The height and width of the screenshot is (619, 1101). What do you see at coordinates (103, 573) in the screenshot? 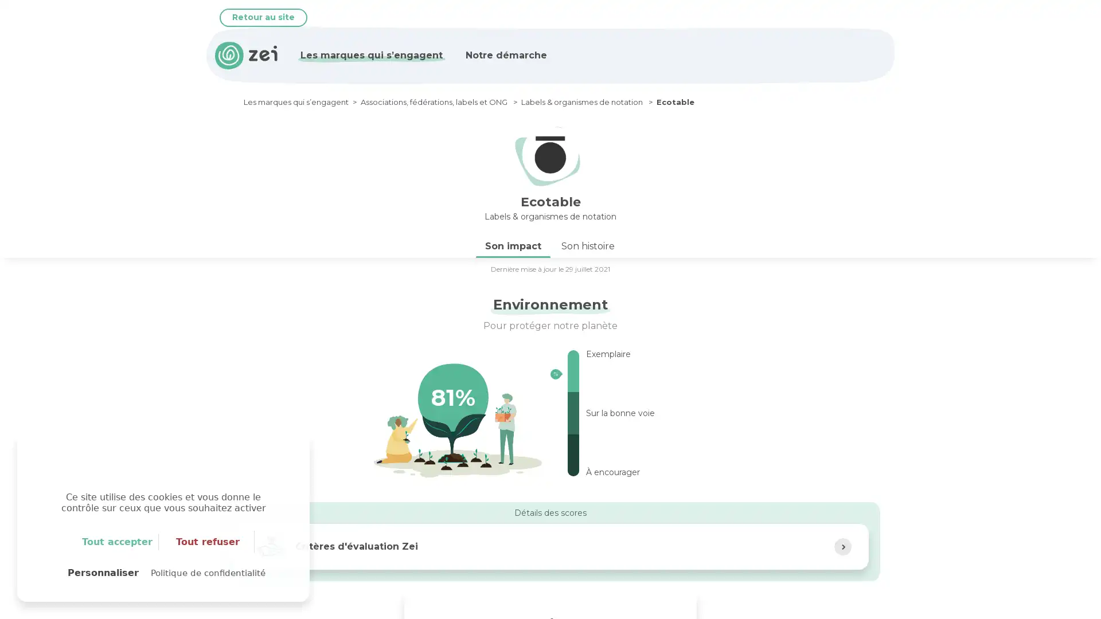
I see `Personnaliser (fenetre modale)` at bounding box center [103, 573].